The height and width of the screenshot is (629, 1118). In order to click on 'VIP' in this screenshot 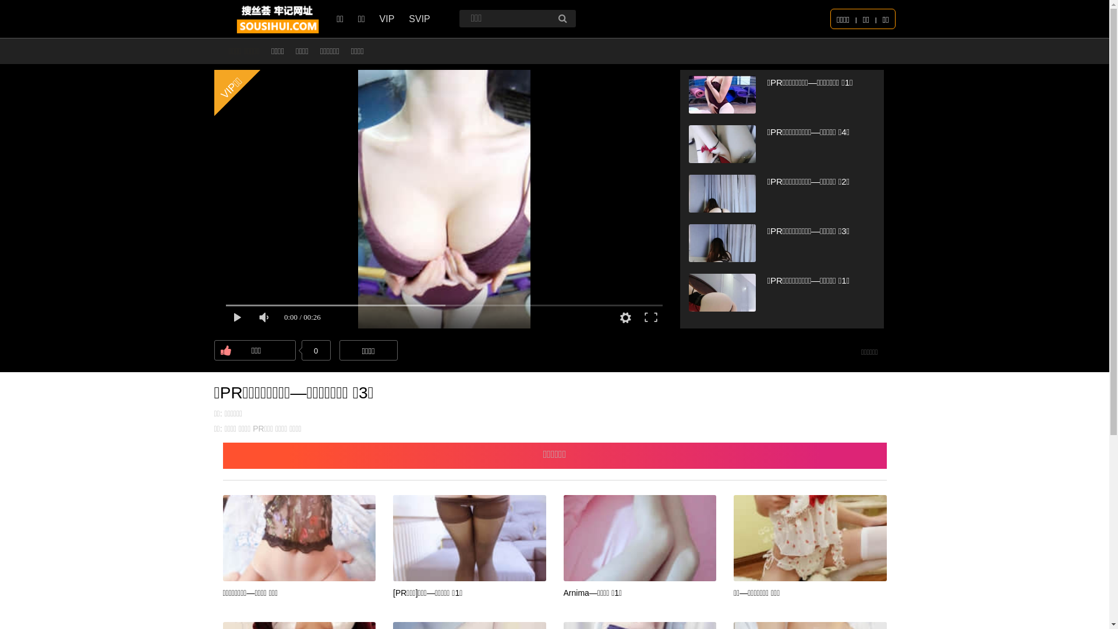, I will do `click(387, 19)`.